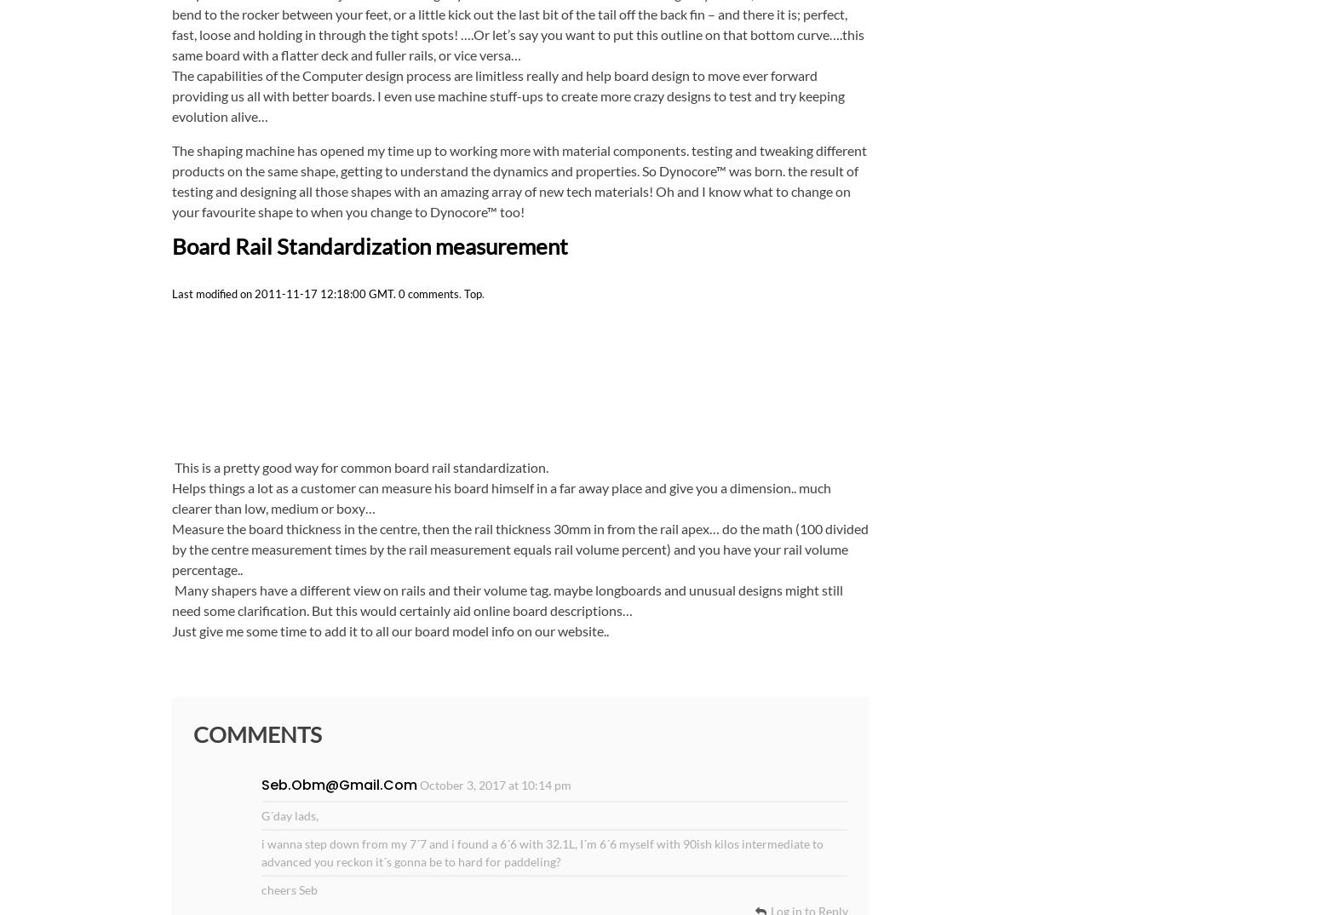  What do you see at coordinates (170, 245) in the screenshot?
I see `'Board Rail Standardization measurement'` at bounding box center [170, 245].